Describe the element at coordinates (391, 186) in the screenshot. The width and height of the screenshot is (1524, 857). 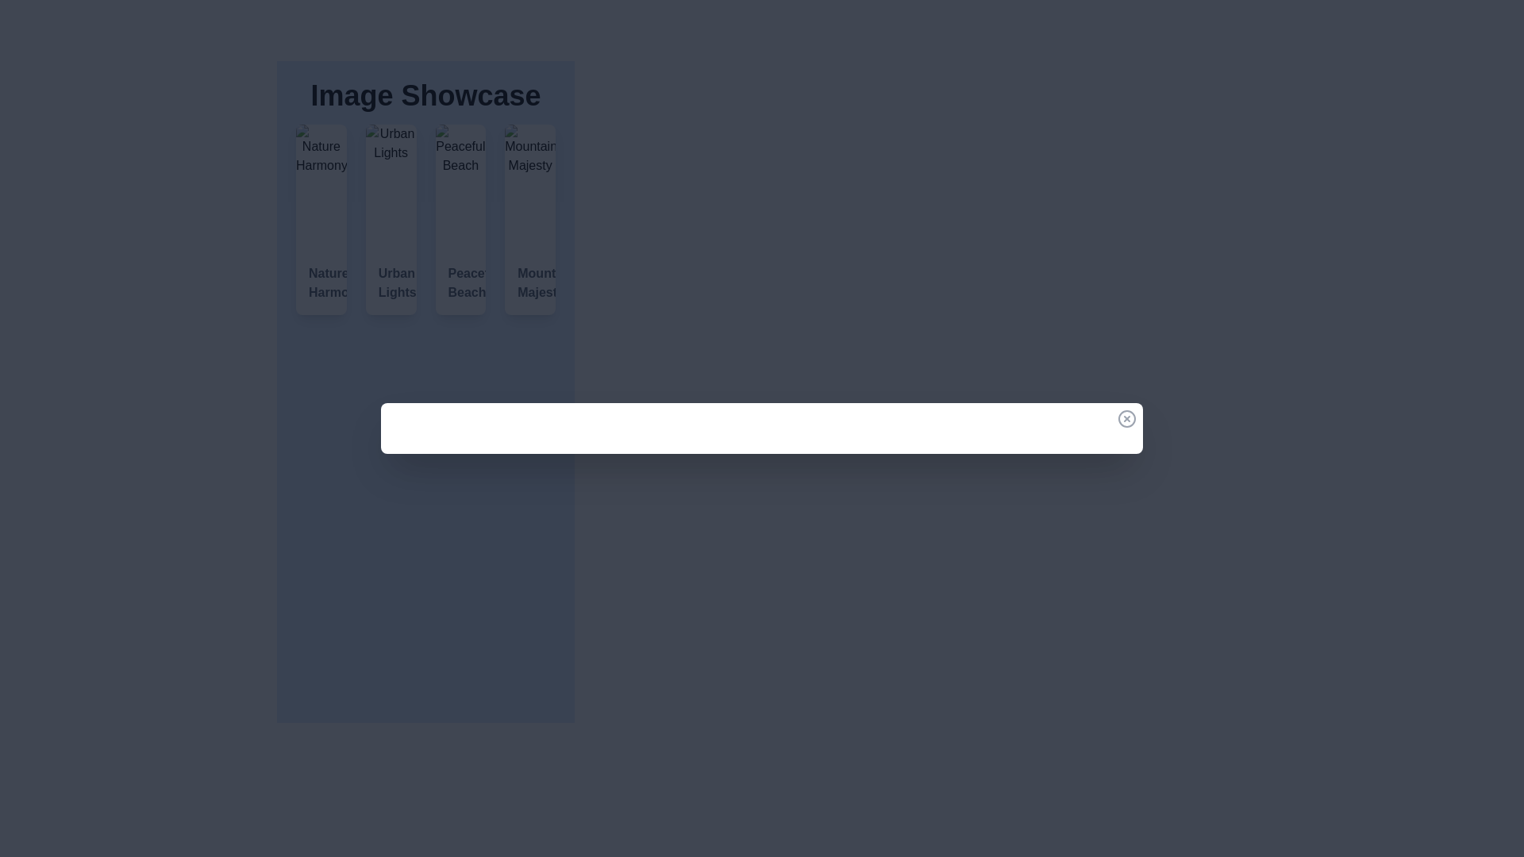
I see `the image thumbnail representing the content item titled 'Urban Lights' located in the second column of the card layout` at that location.